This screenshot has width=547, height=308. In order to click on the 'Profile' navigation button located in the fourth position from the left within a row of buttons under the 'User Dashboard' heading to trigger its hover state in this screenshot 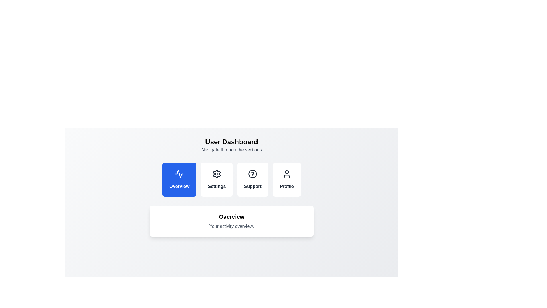, I will do `click(287, 179)`.